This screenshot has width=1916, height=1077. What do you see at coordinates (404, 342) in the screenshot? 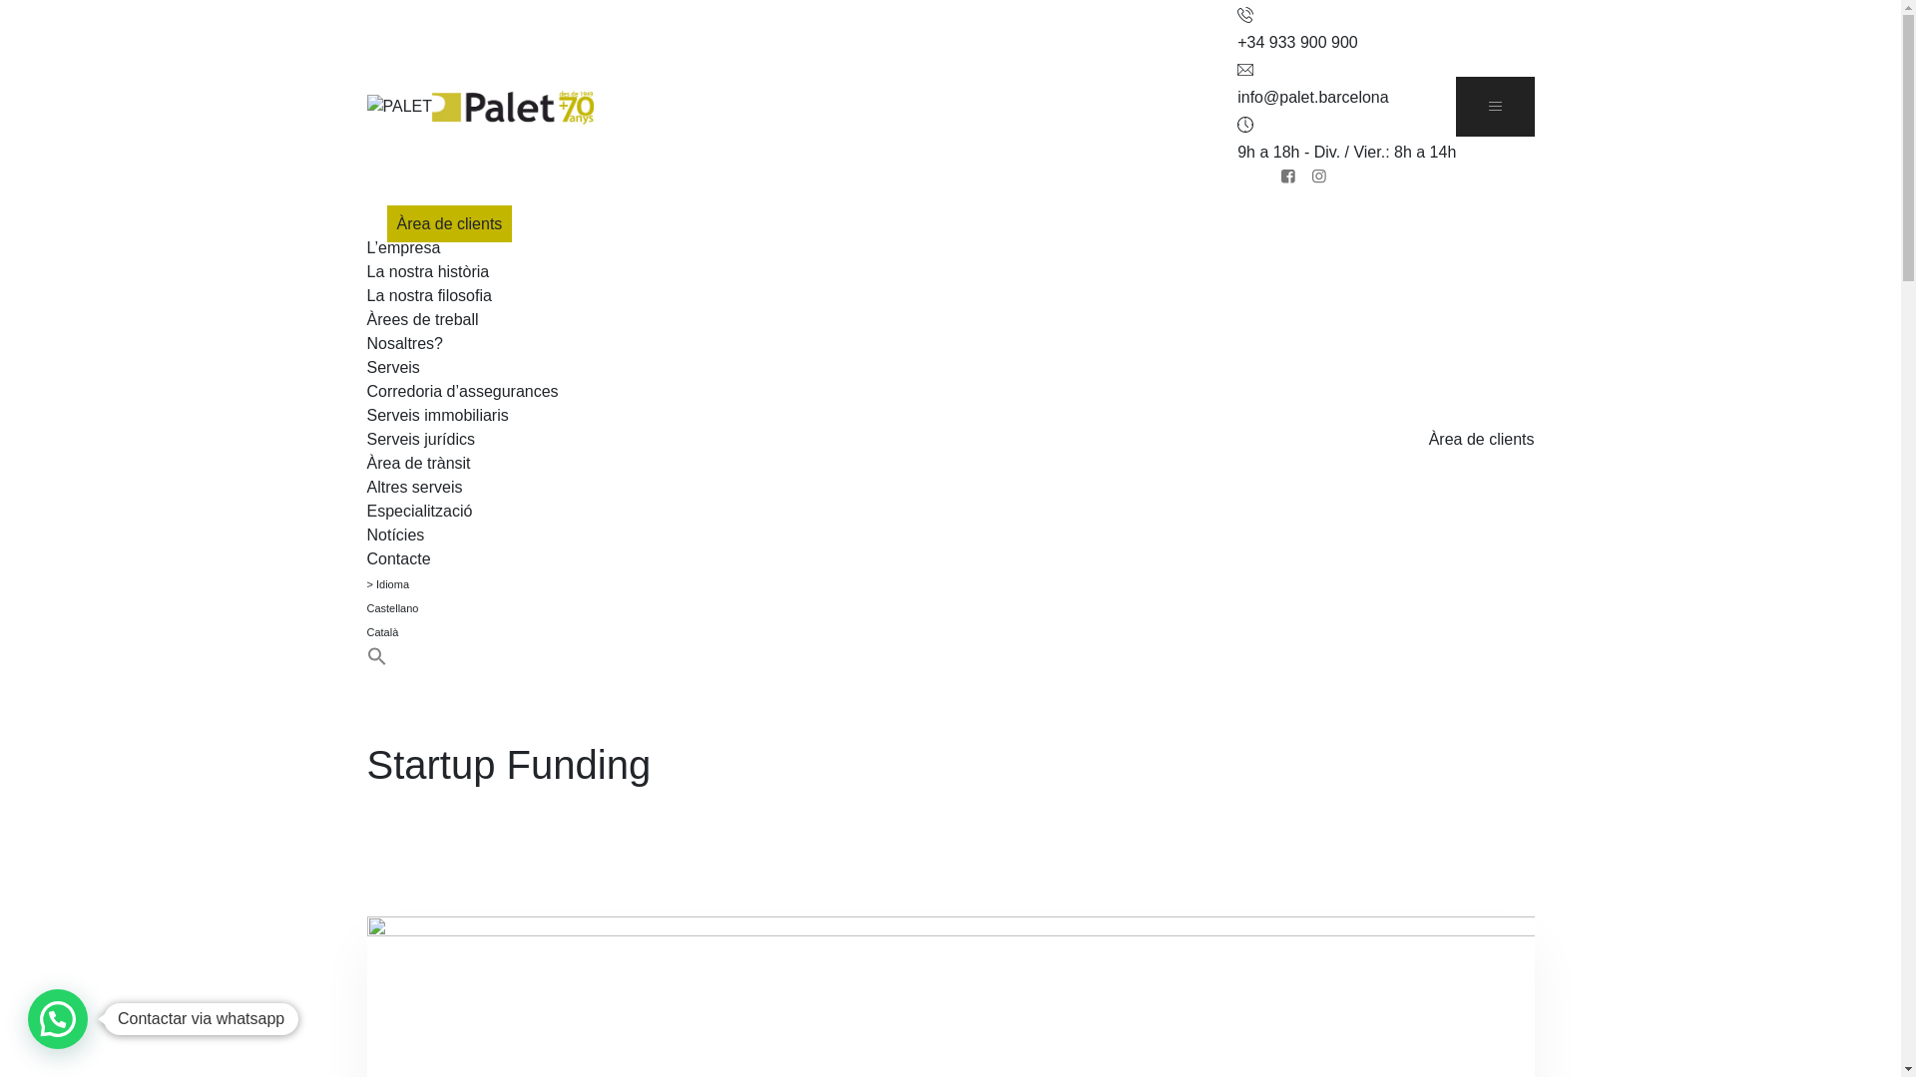
I see `'Nosaltres?'` at bounding box center [404, 342].